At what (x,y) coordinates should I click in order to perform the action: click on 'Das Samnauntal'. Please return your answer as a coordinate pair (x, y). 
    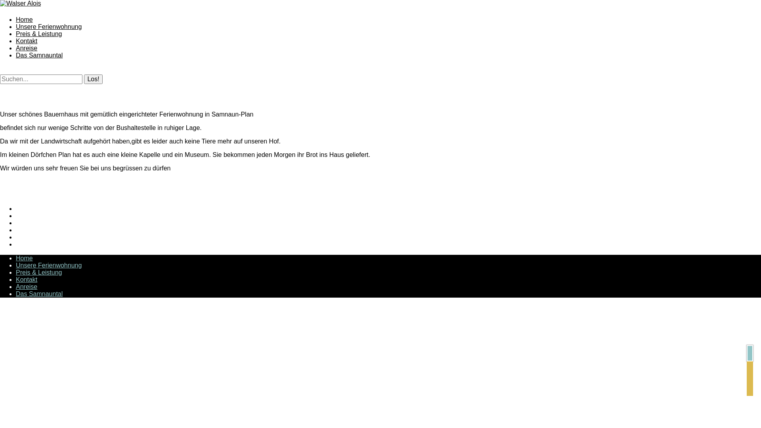
    Looking at the image, I should click on (39, 294).